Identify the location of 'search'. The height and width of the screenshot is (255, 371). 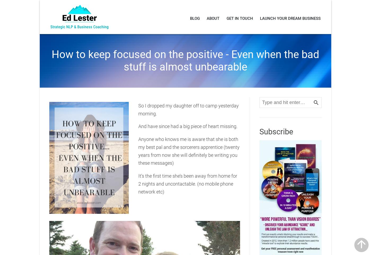
(316, 102).